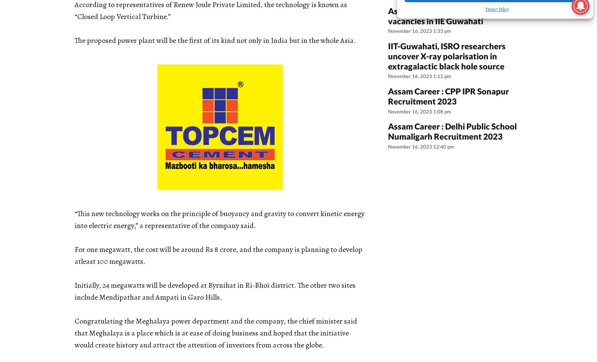  What do you see at coordinates (215, 333) in the screenshot?
I see `'Congratulating the Meghalaya power department and the company, the chief minister said that Meghalaya is a place which is at ease of doing business and hoped that the initiative would create history and attract the attention of investors from across the globe.'` at bounding box center [215, 333].